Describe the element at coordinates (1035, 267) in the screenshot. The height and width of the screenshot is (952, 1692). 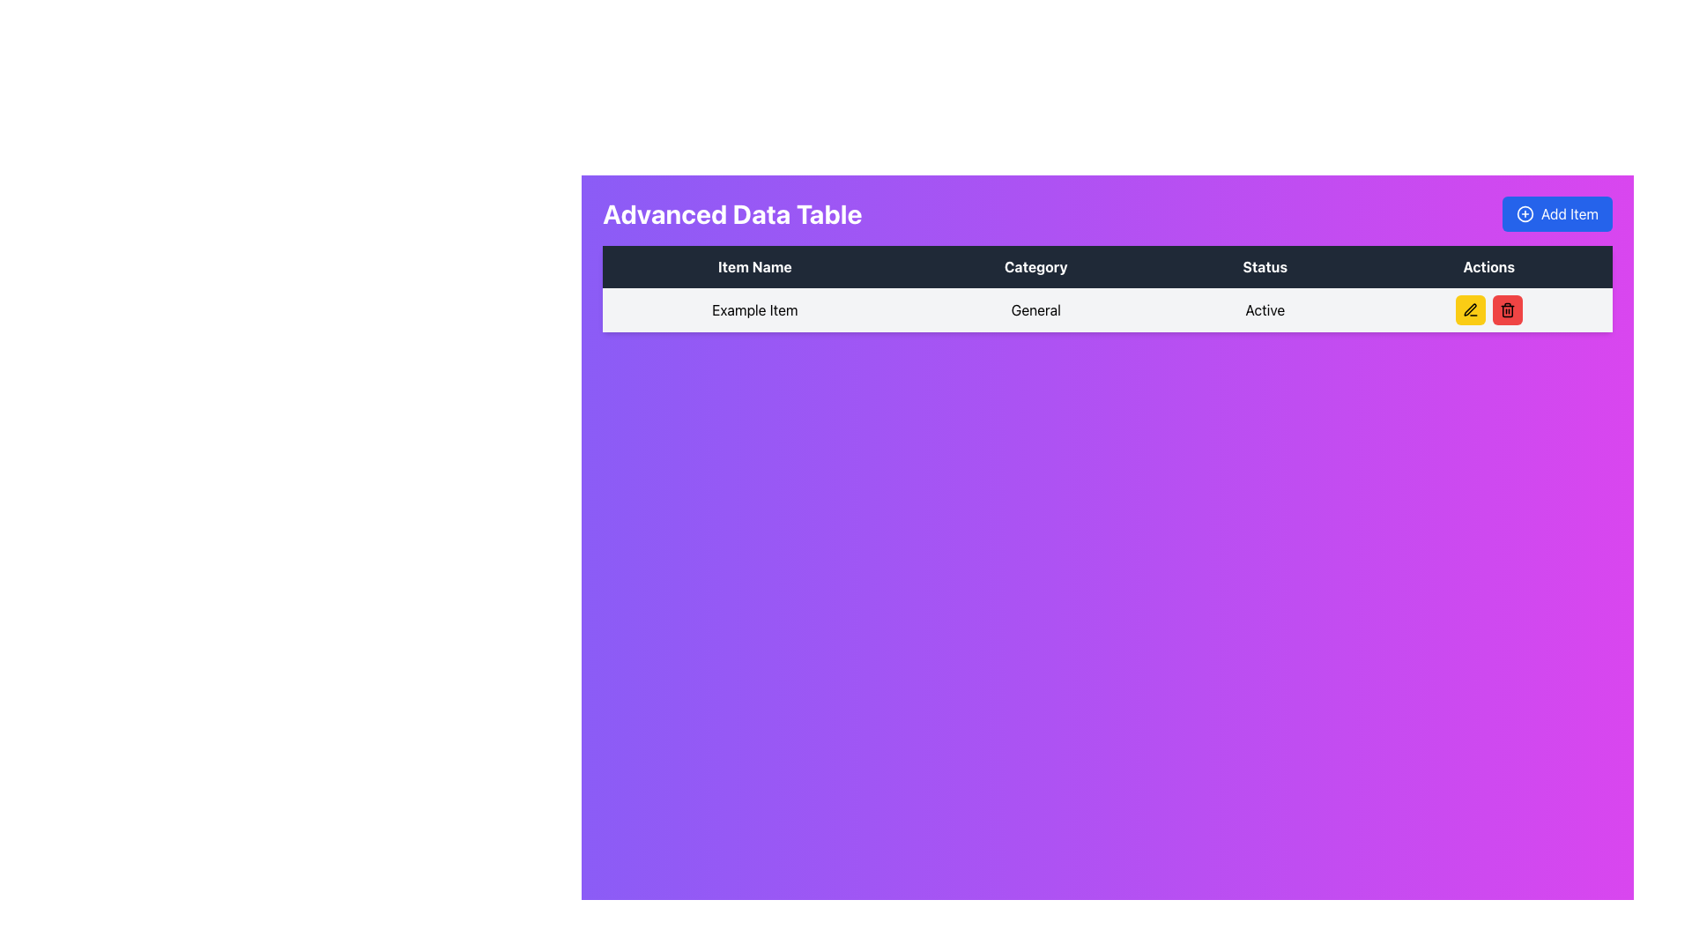
I see `the 'Category' table header, which has a black background and white text, to sort the column` at that location.